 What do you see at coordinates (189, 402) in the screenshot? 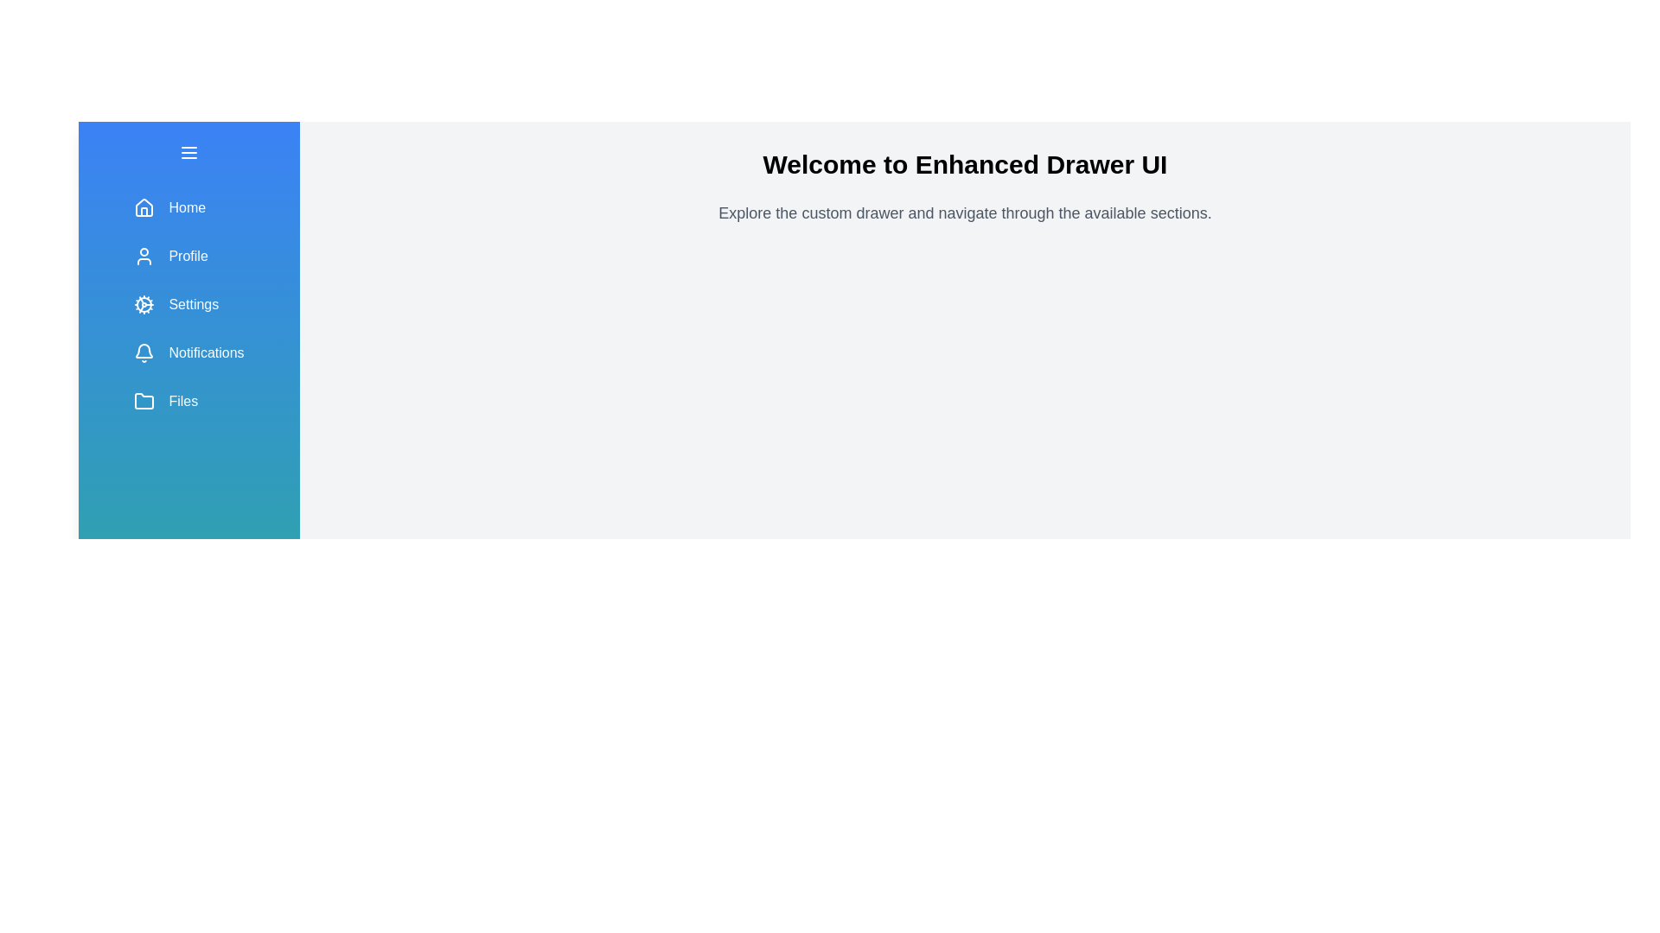
I see `the navigation menu item labeled Files` at bounding box center [189, 402].